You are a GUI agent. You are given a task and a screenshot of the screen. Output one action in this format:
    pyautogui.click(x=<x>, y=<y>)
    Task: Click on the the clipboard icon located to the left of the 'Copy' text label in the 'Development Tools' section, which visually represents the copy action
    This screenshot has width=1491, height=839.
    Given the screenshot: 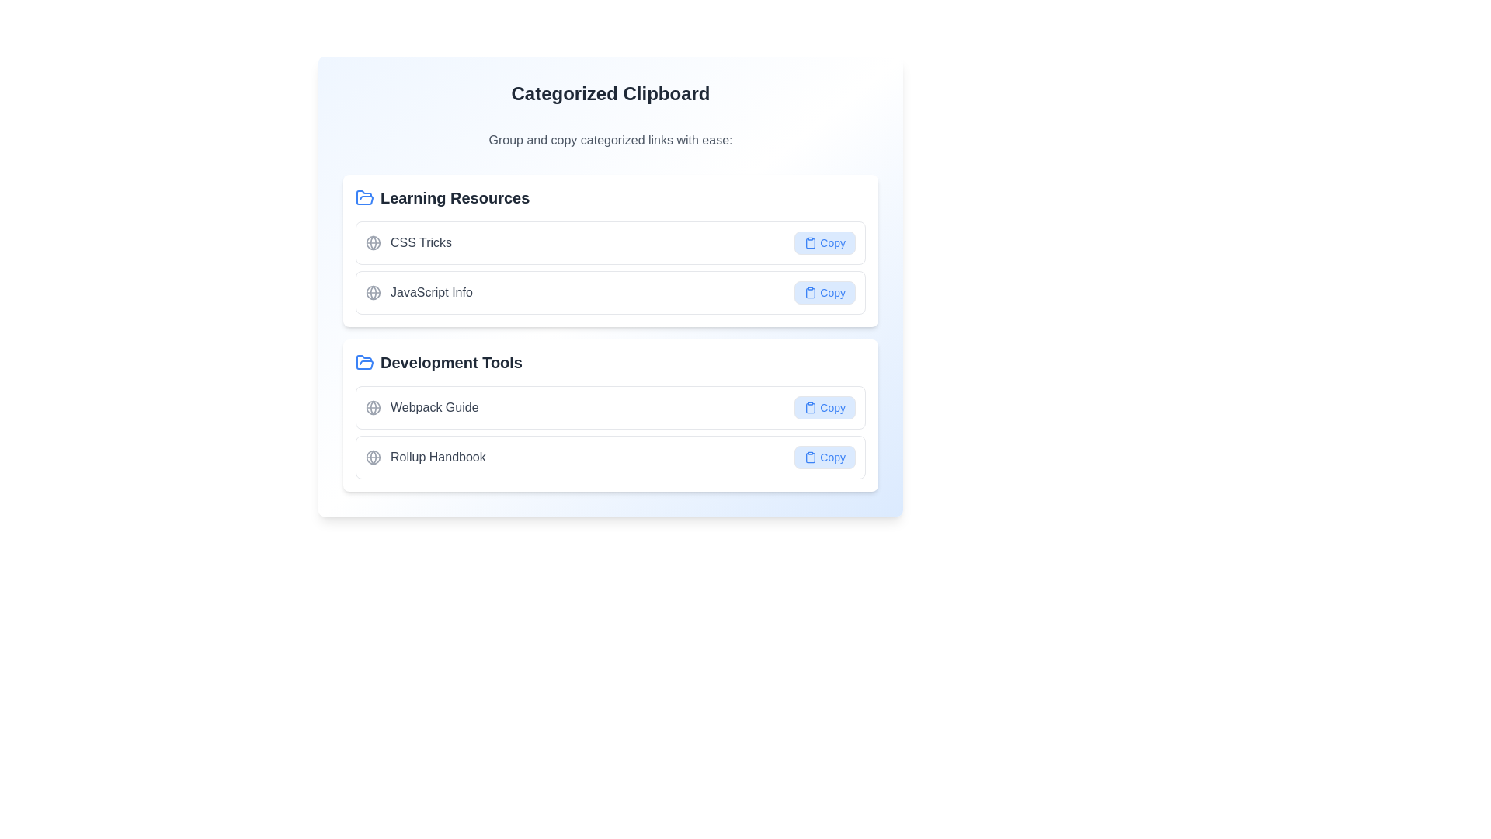 What is the action you would take?
    pyautogui.click(x=810, y=406)
    